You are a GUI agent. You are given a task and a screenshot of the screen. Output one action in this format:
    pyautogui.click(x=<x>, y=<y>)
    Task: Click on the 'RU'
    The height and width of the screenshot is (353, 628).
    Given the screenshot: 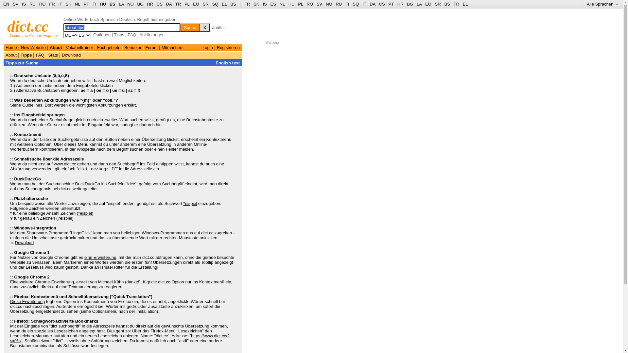 What is the action you would take?
    pyautogui.click(x=339, y=4)
    